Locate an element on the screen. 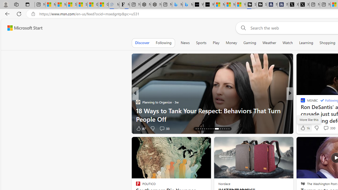 Image resolution: width=338 pixels, height=190 pixels. 'View comments 33 Comment' is located at coordinates (164, 128).